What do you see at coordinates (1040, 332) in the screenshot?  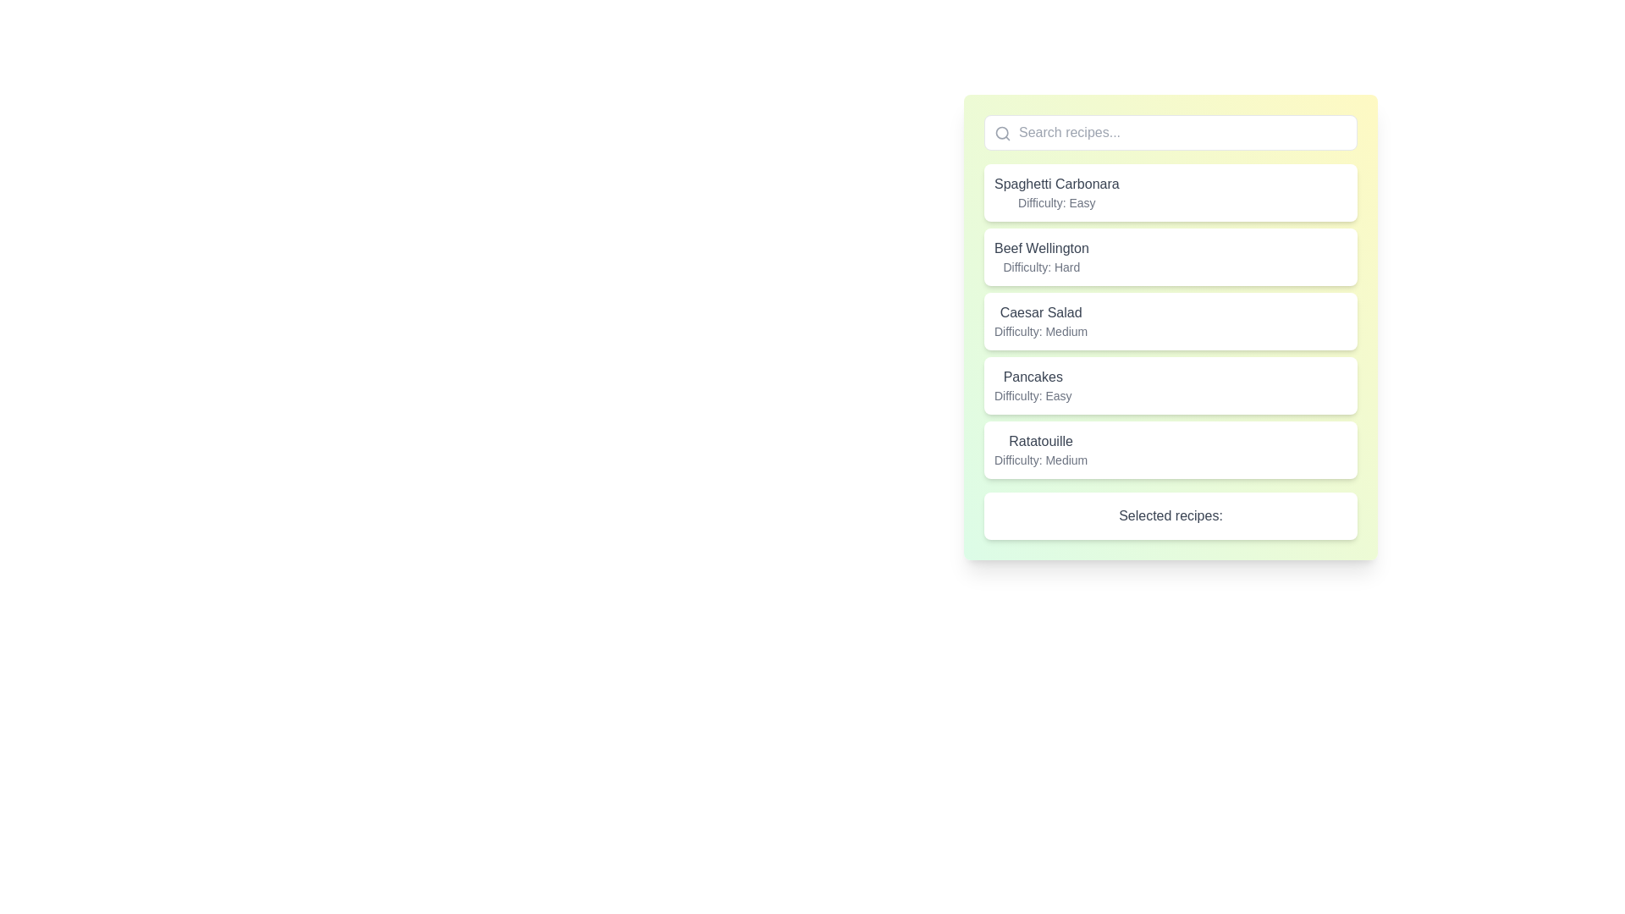 I see `the text label displaying 'Difficulty: Medium', which is styled in a small gray font and located inside the third recipe card, directly below 'Caesar Salad'` at bounding box center [1040, 332].